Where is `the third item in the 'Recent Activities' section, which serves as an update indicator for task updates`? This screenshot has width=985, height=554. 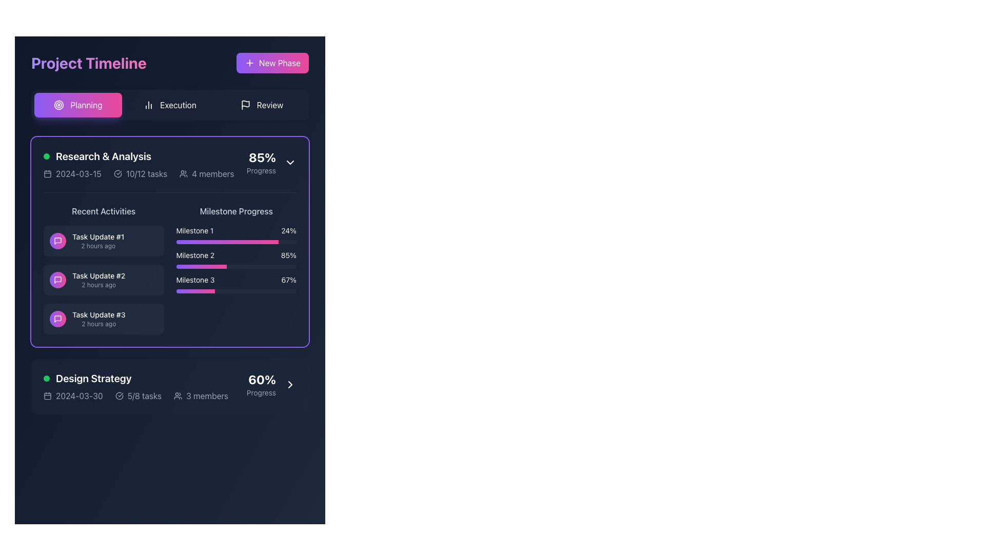 the third item in the 'Recent Activities' section, which serves as an update indicator for task updates is located at coordinates (98, 318).